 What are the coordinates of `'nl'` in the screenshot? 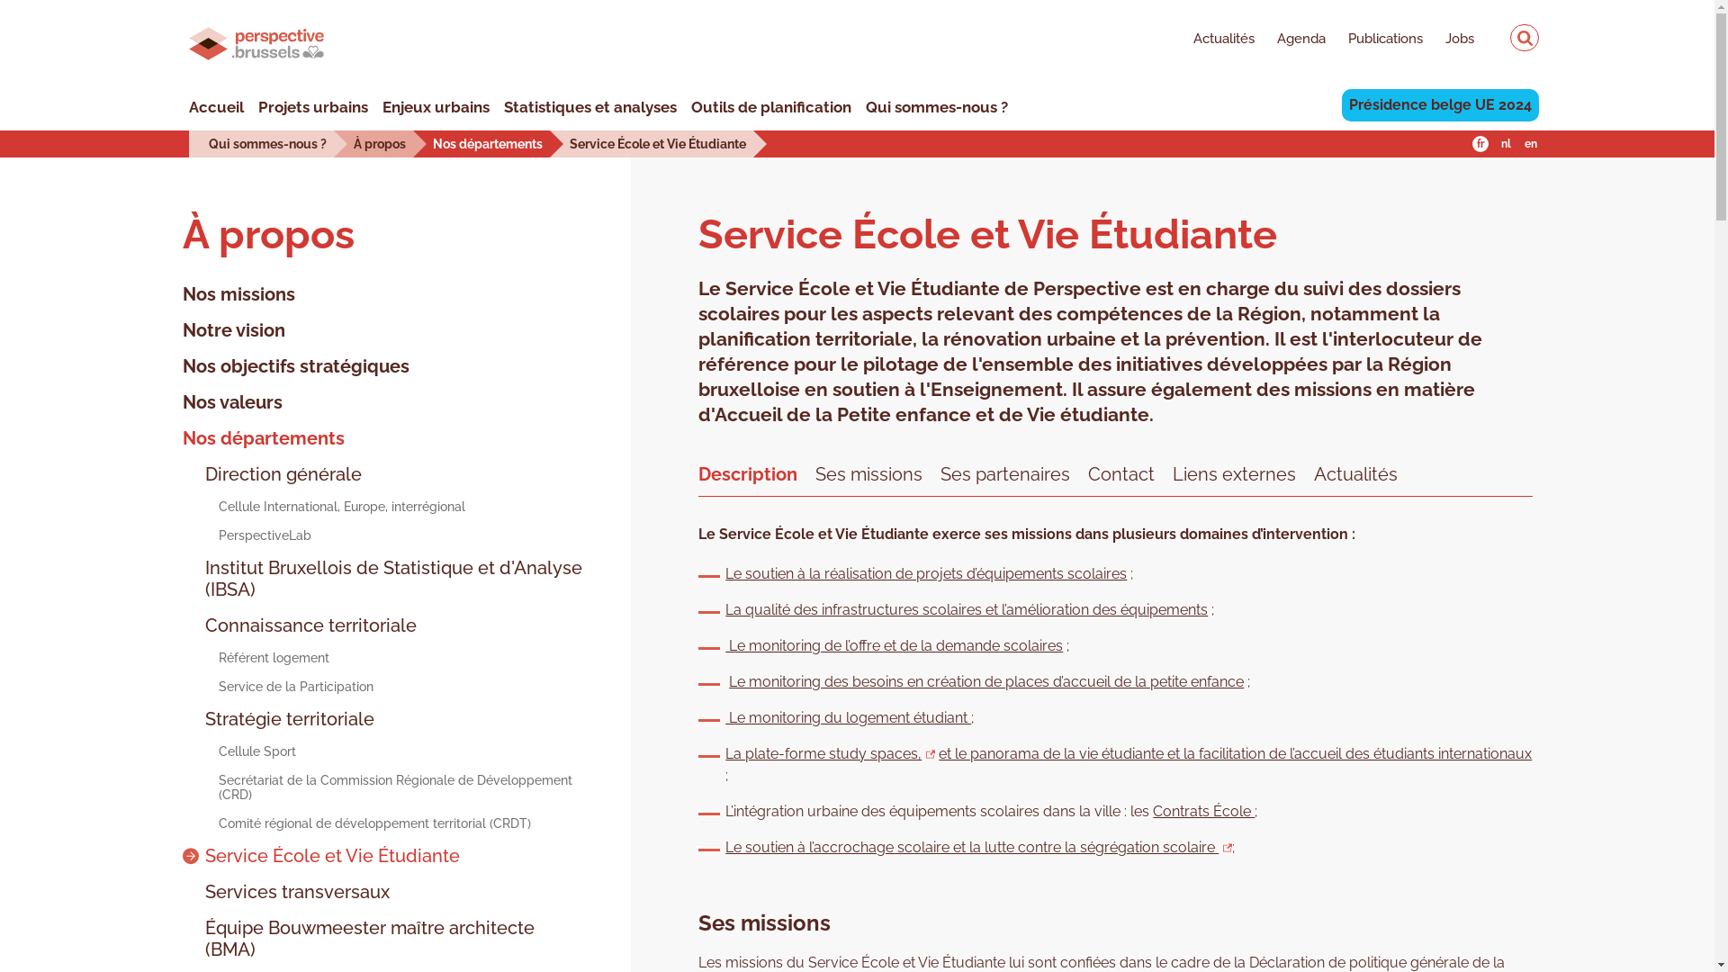 It's located at (1498, 142).